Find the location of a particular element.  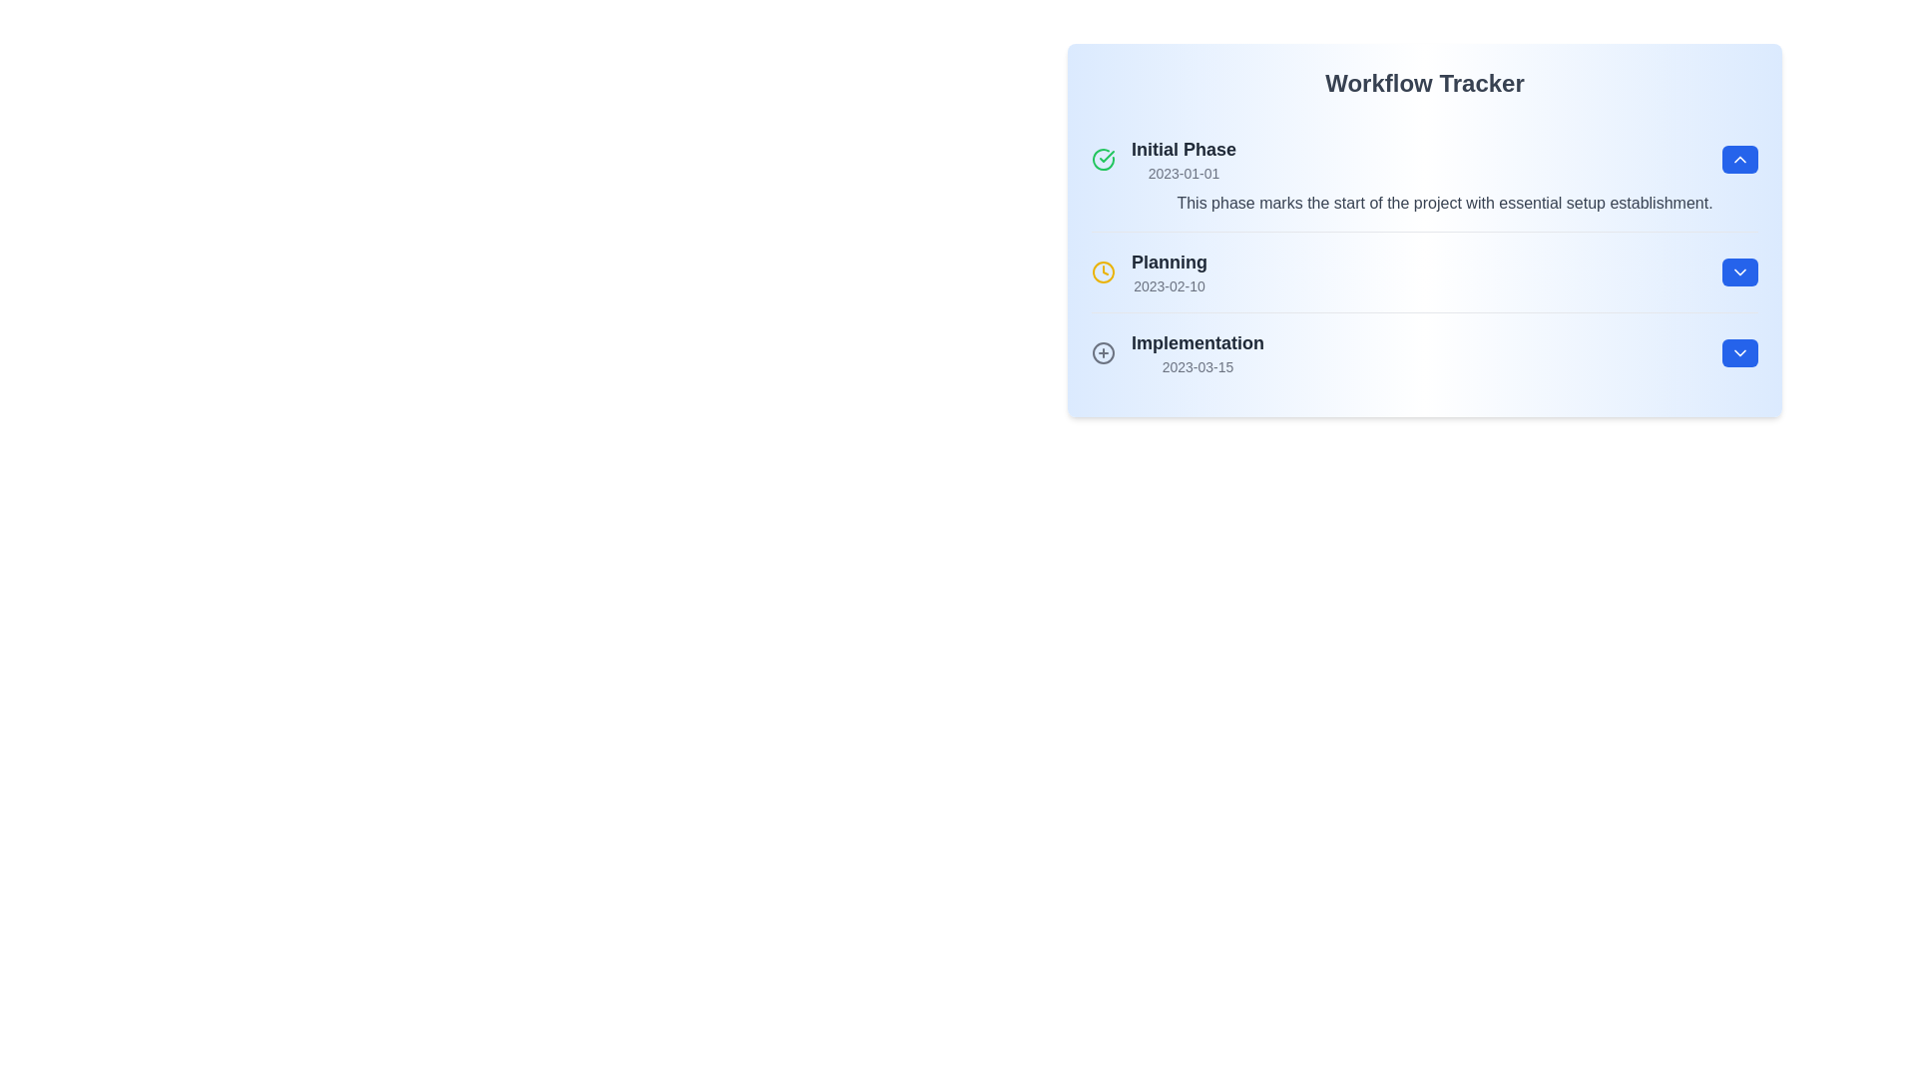

text and date information from the workflow phase labeled 'Planning' with the date '2023-02-10', which is the second item in the list of workflow phases in the 'Workflow Tracker' interface is located at coordinates (1150, 272).